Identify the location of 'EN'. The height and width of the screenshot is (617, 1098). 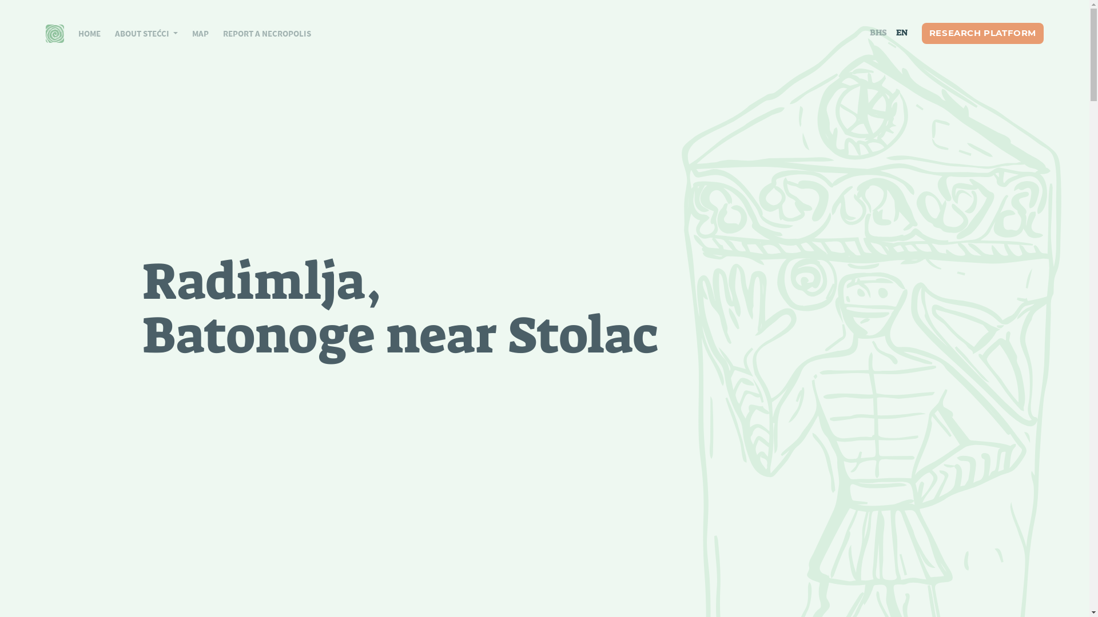
(891, 32).